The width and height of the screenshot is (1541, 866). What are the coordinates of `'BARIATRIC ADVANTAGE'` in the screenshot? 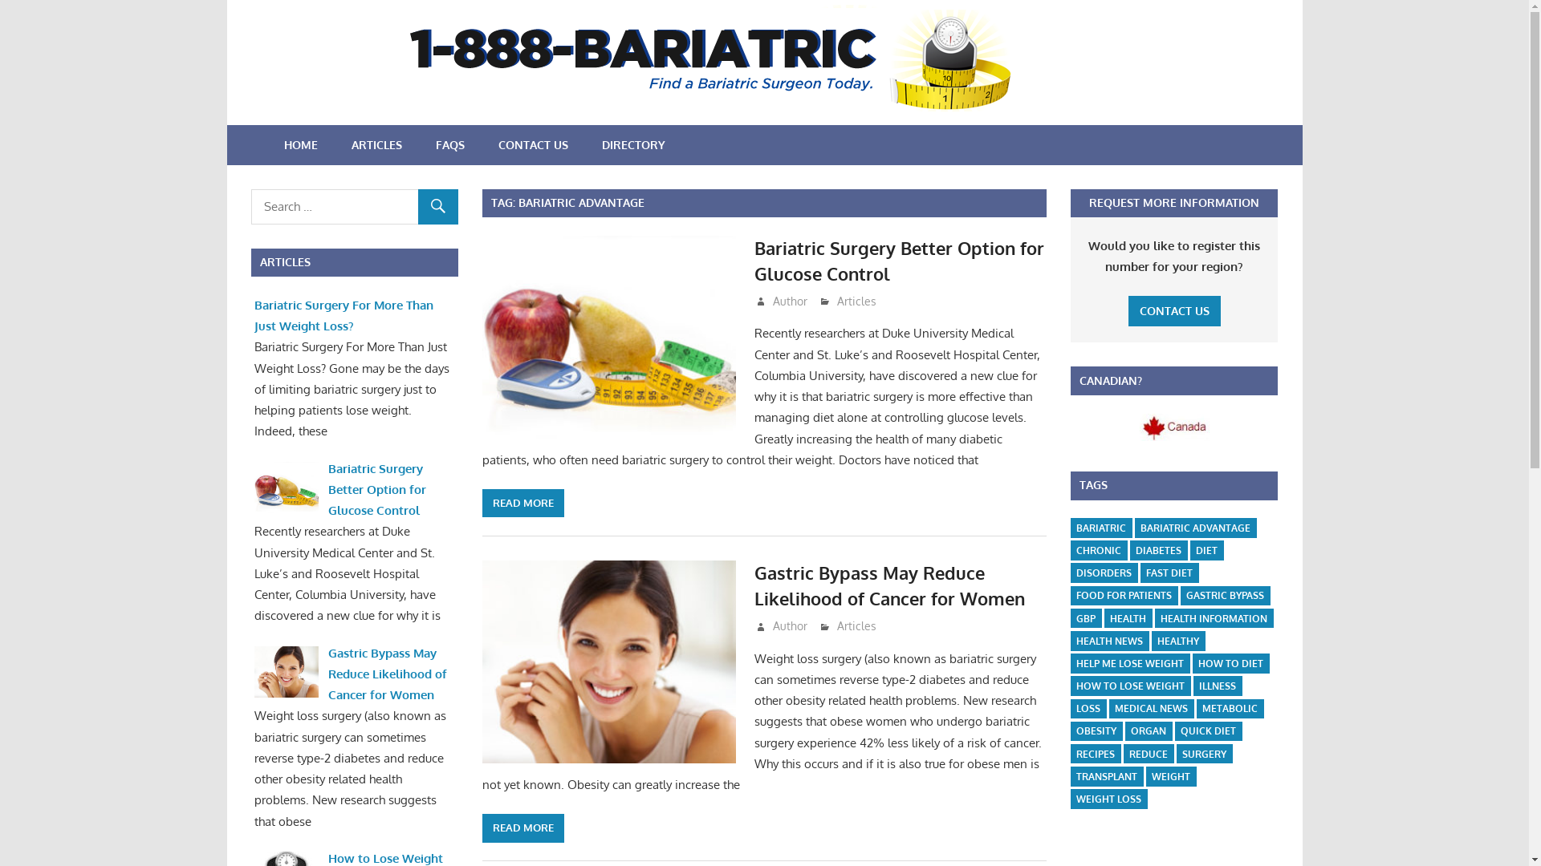 It's located at (1195, 528).